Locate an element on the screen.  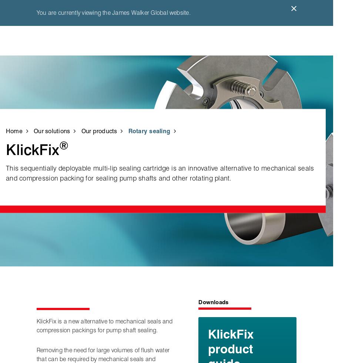
'About' is located at coordinates (267, 124).